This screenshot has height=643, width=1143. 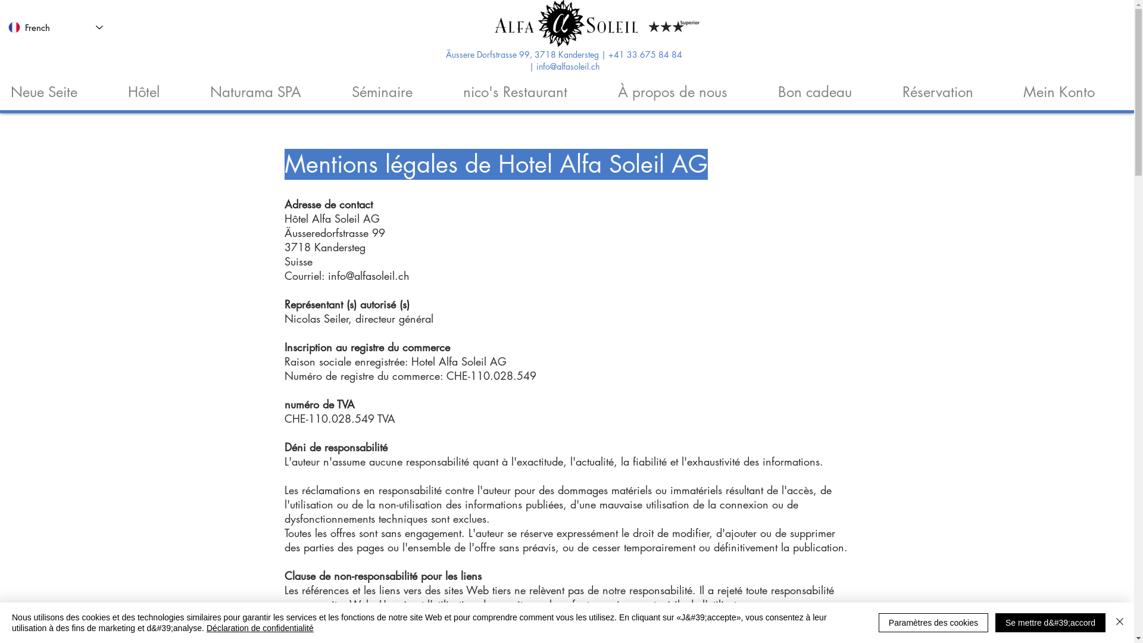 I want to click on 'Naturama SPA', so click(x=270, y=86).